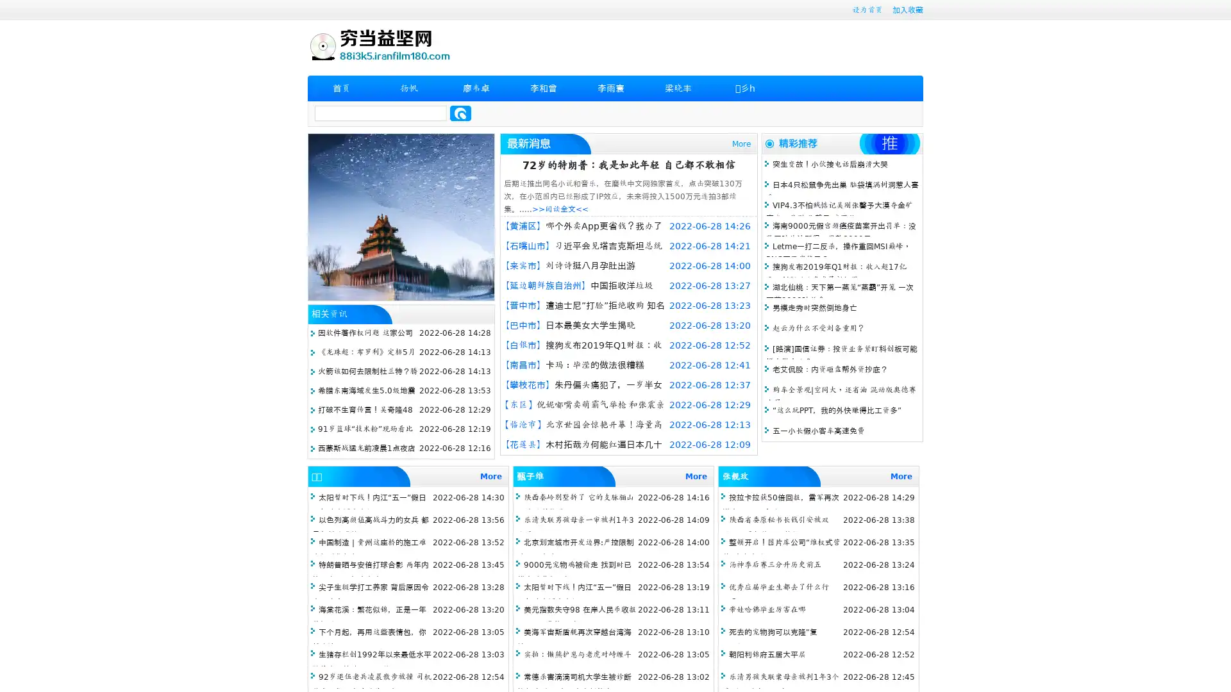 This screenshot has width=1231, height=692. I want to click on Search, so click(460, 113).